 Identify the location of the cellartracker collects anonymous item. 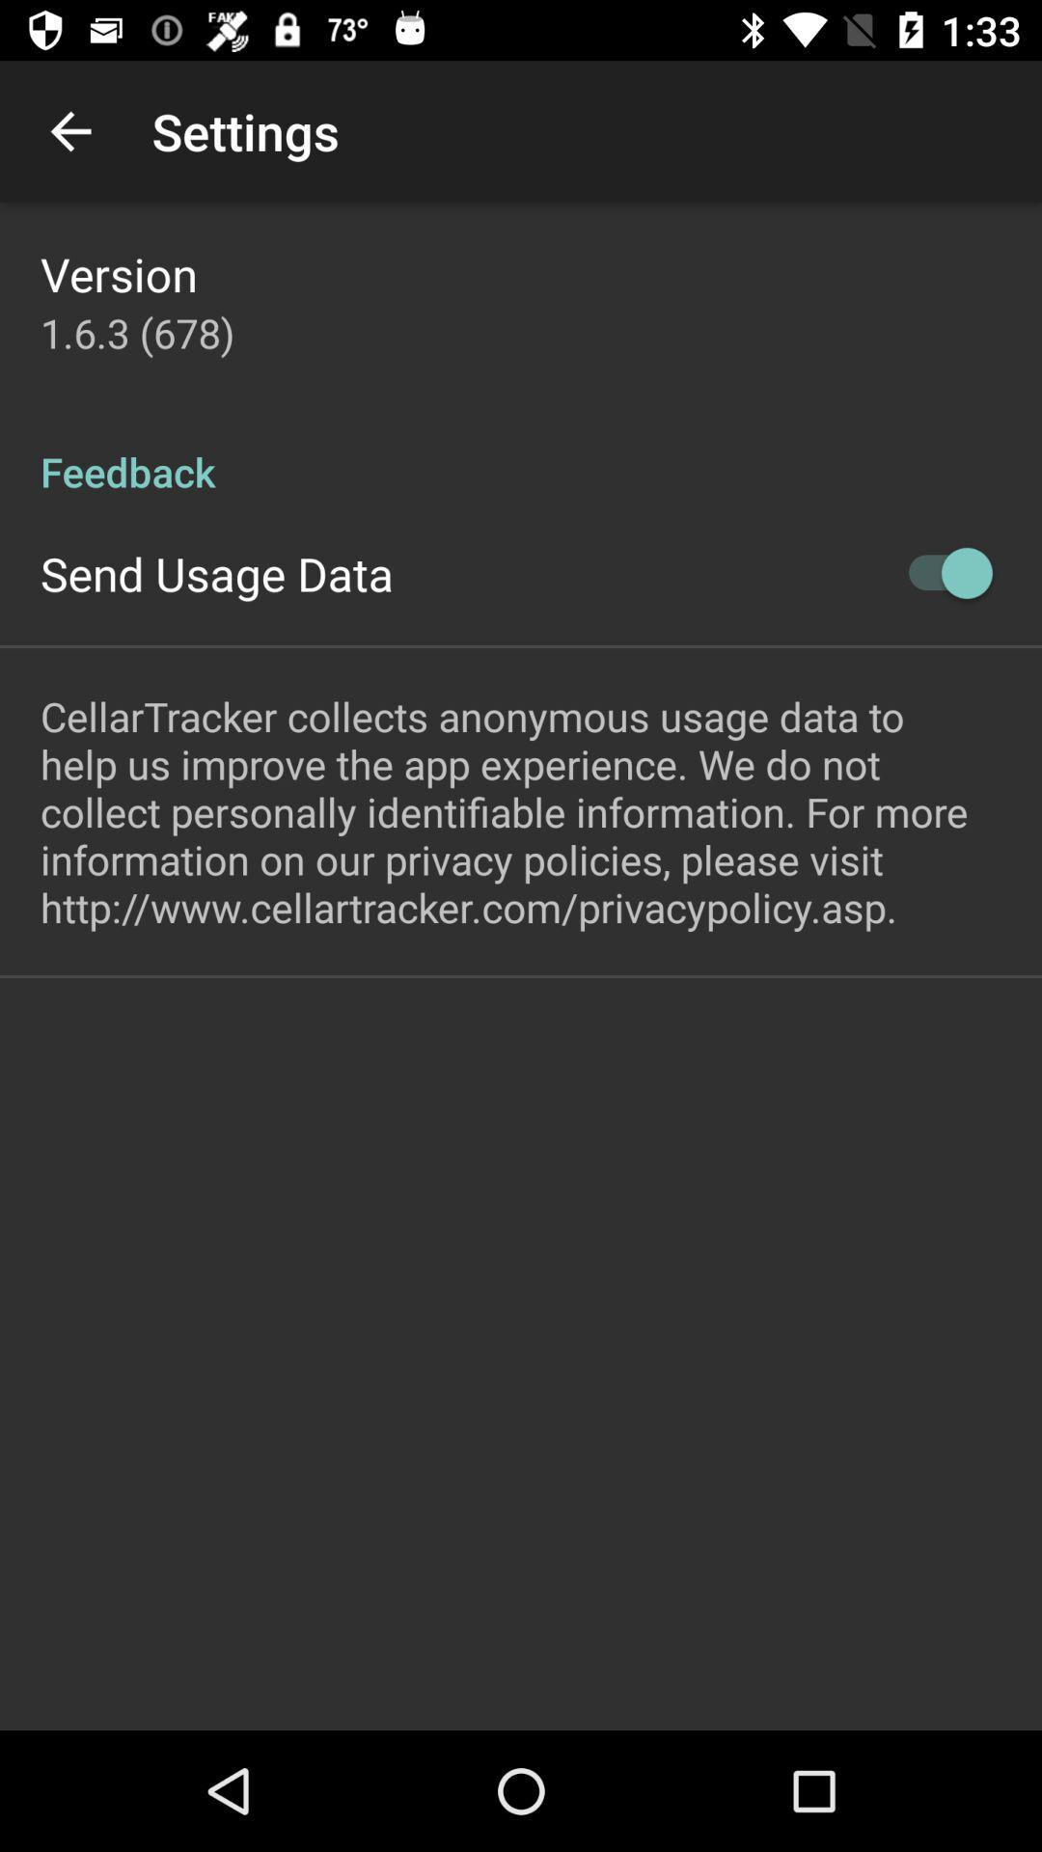
(521, 811).